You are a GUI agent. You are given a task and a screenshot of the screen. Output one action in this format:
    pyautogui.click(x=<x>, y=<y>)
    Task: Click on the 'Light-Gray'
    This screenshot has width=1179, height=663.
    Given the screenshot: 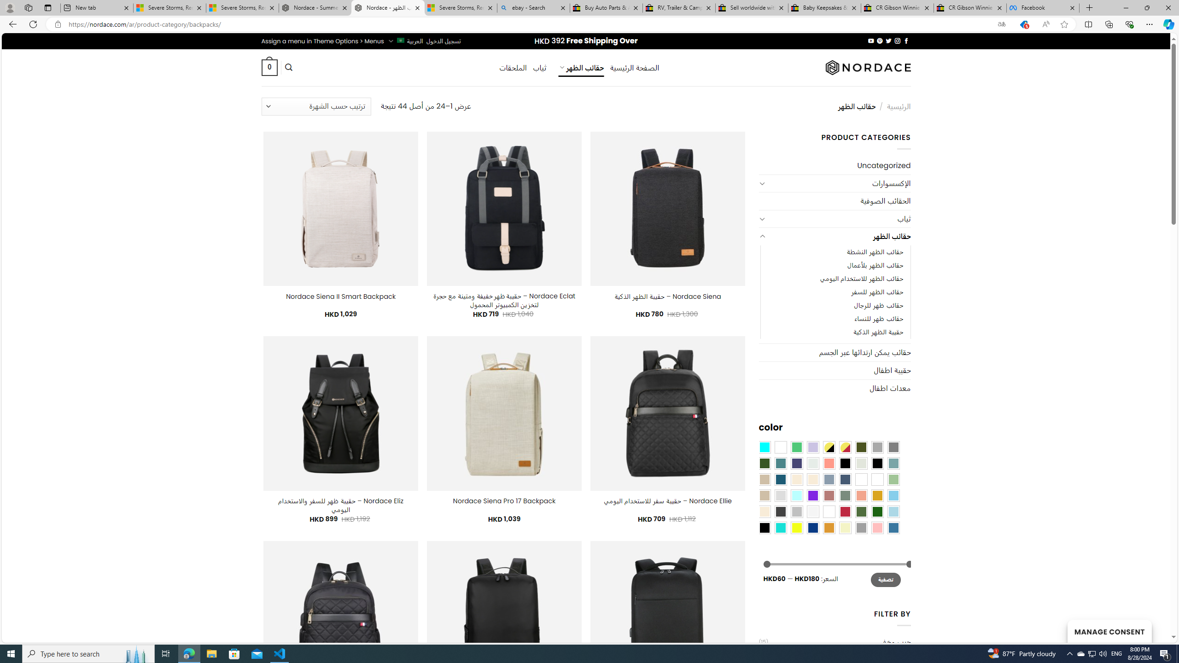 What is the action you would take?
    pyautogui.click(x=780, y=495)
    